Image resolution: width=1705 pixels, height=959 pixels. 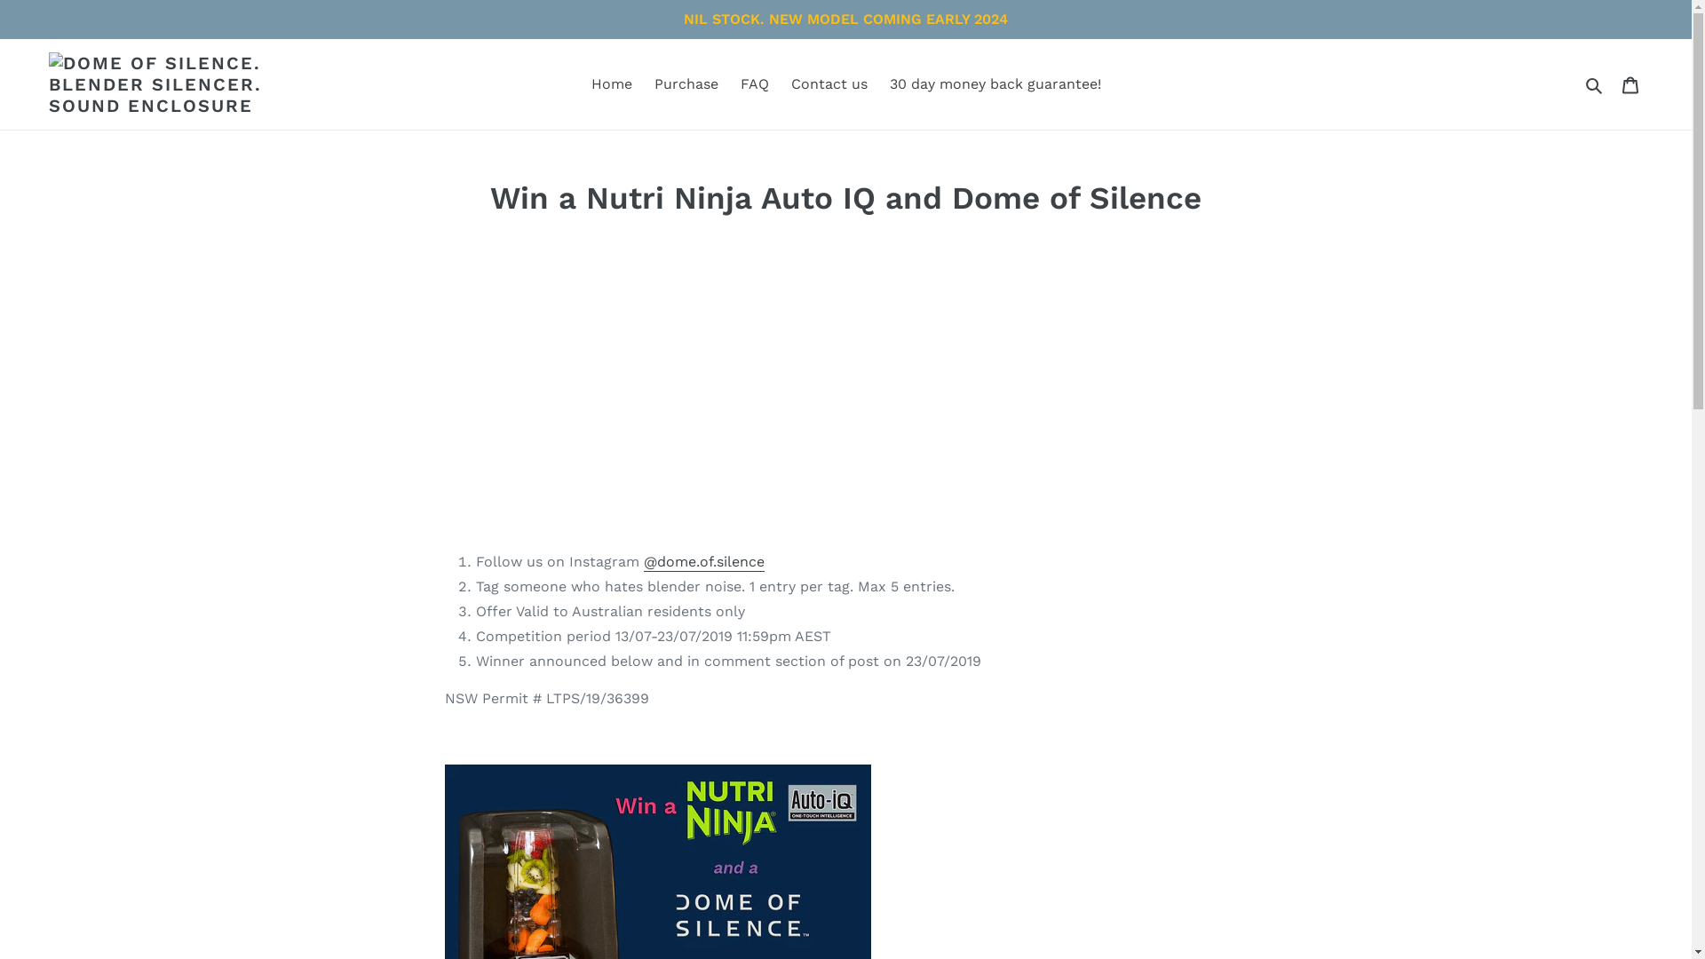 I want to click on '@dome.of.silence', so click(x=702, y=562).